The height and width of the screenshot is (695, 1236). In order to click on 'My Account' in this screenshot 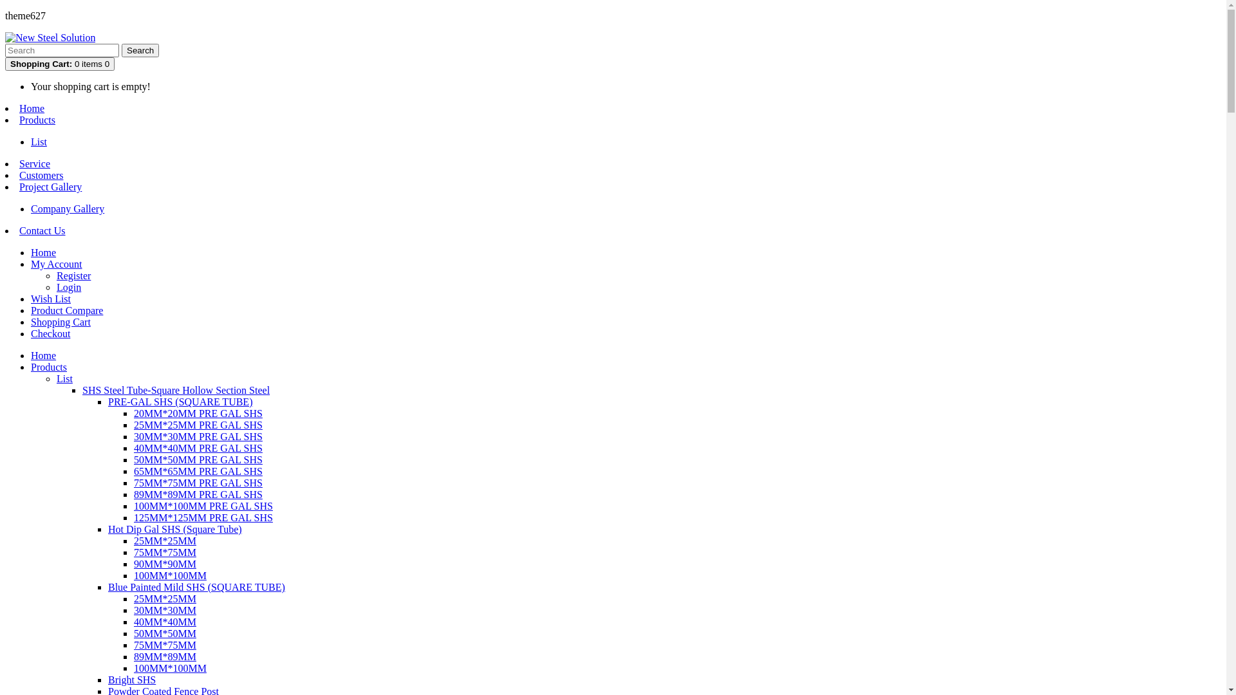, I will do `click(55, 263)`.